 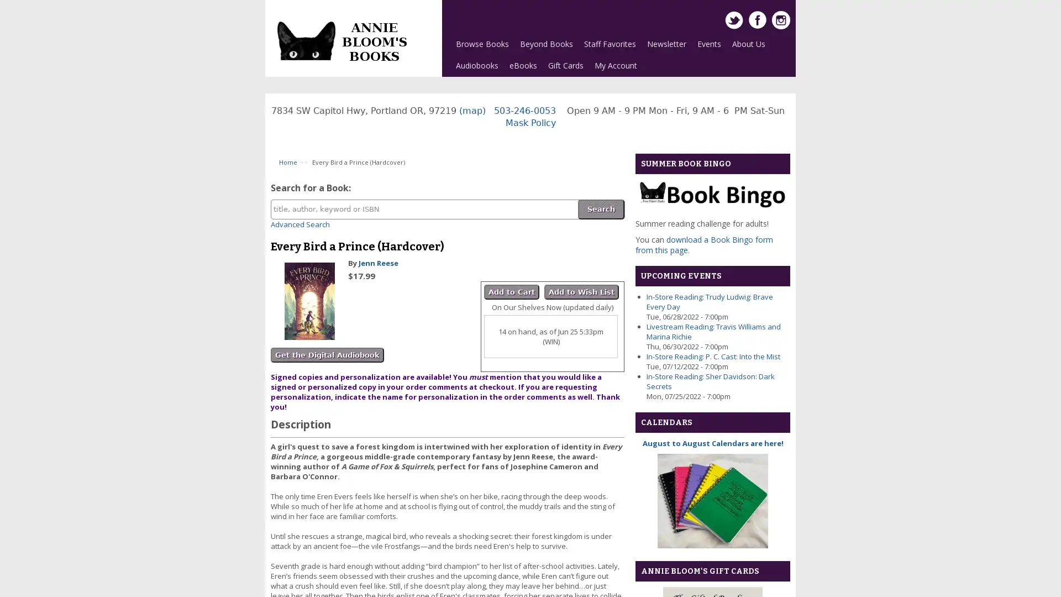 What do you see at coordinates (601, 209) in the screenshot?
I see `Search` at bounding box center [601, 209].